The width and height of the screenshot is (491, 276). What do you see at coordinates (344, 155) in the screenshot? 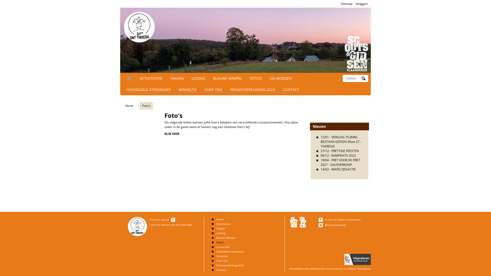
I see `'KAMPDATA 2022'` at bounding box center [344, 155].